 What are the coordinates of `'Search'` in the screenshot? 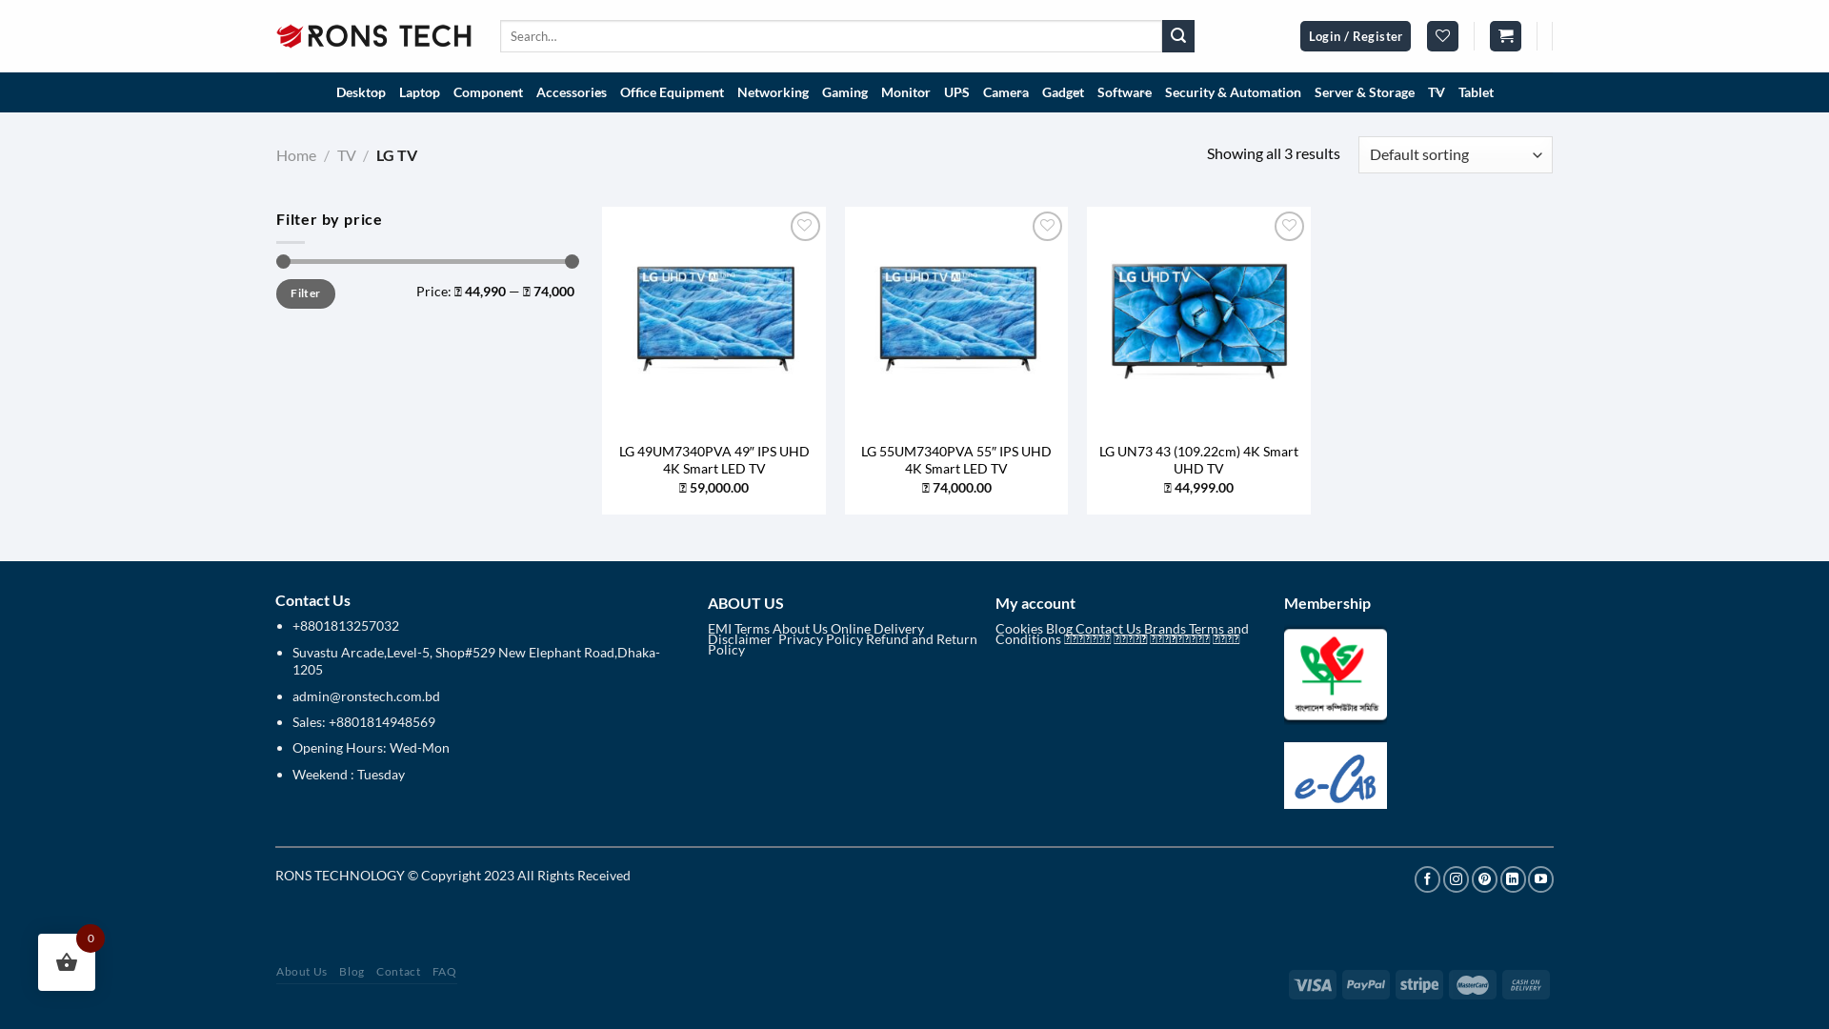 It's located at (1177, 36).